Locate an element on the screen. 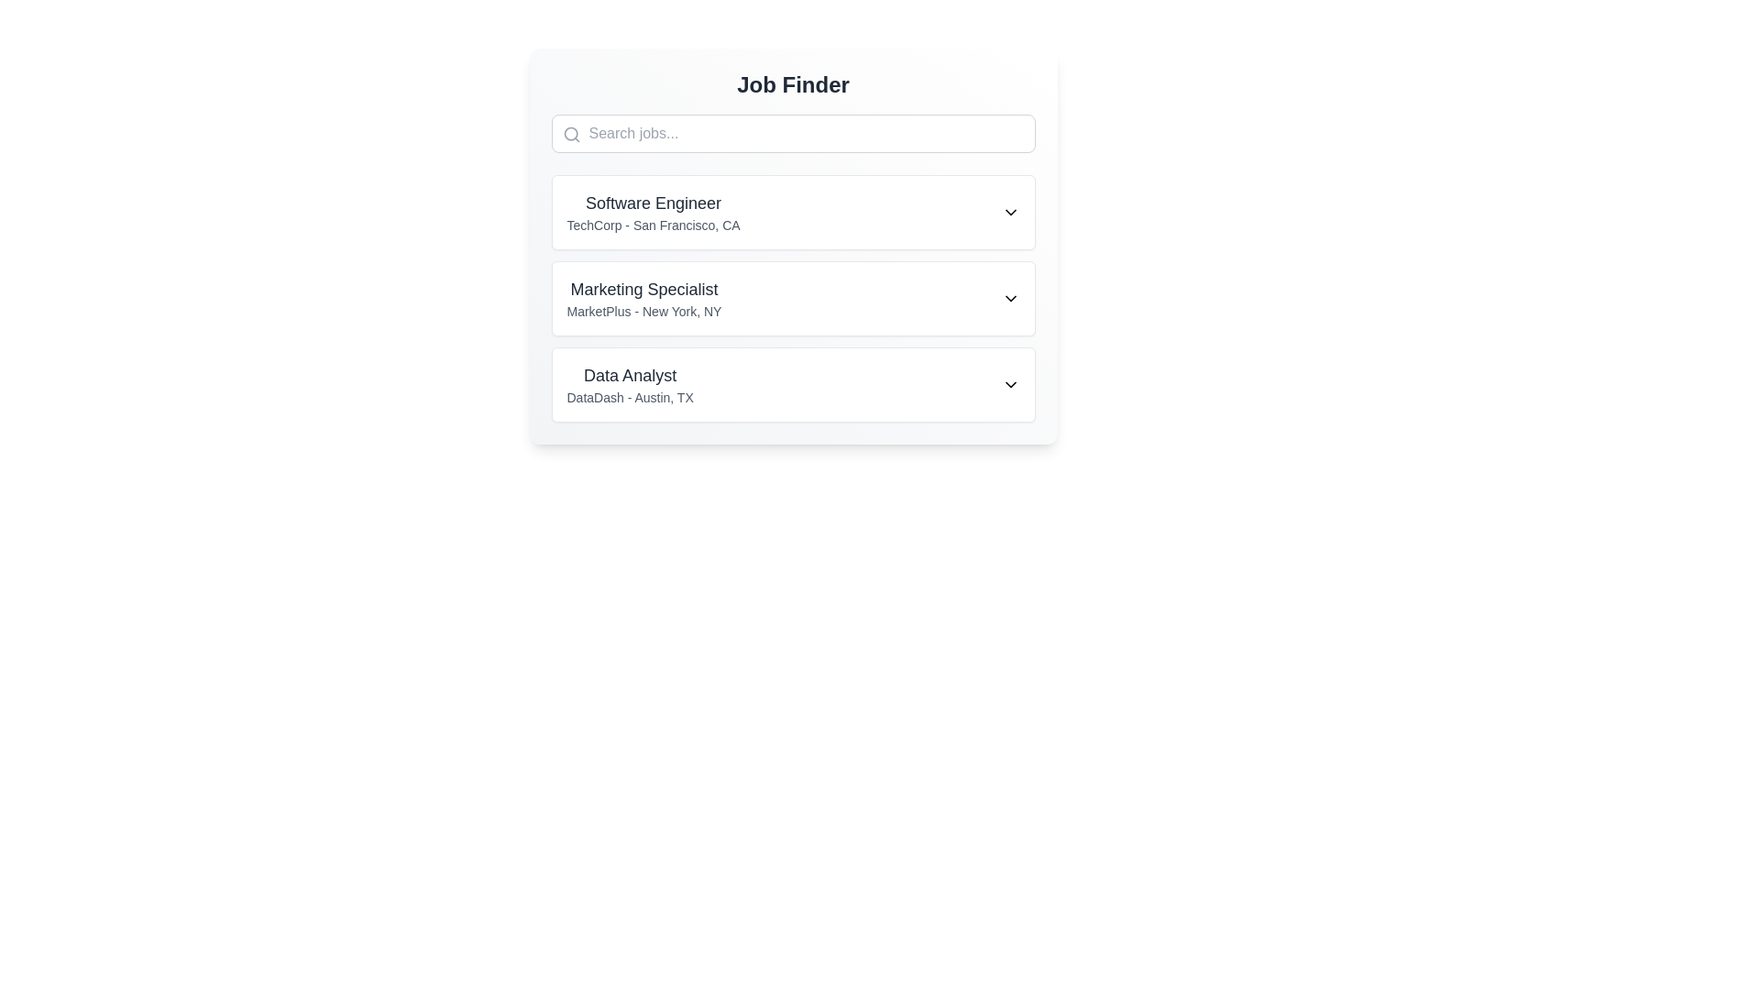 The height and width of the screenshot is (990, 1760). the gray magnifying glass icon, which is a search indicator positioned on the left side of the search input field under the 'Job Finder' title is located at coordinates (570, 133).